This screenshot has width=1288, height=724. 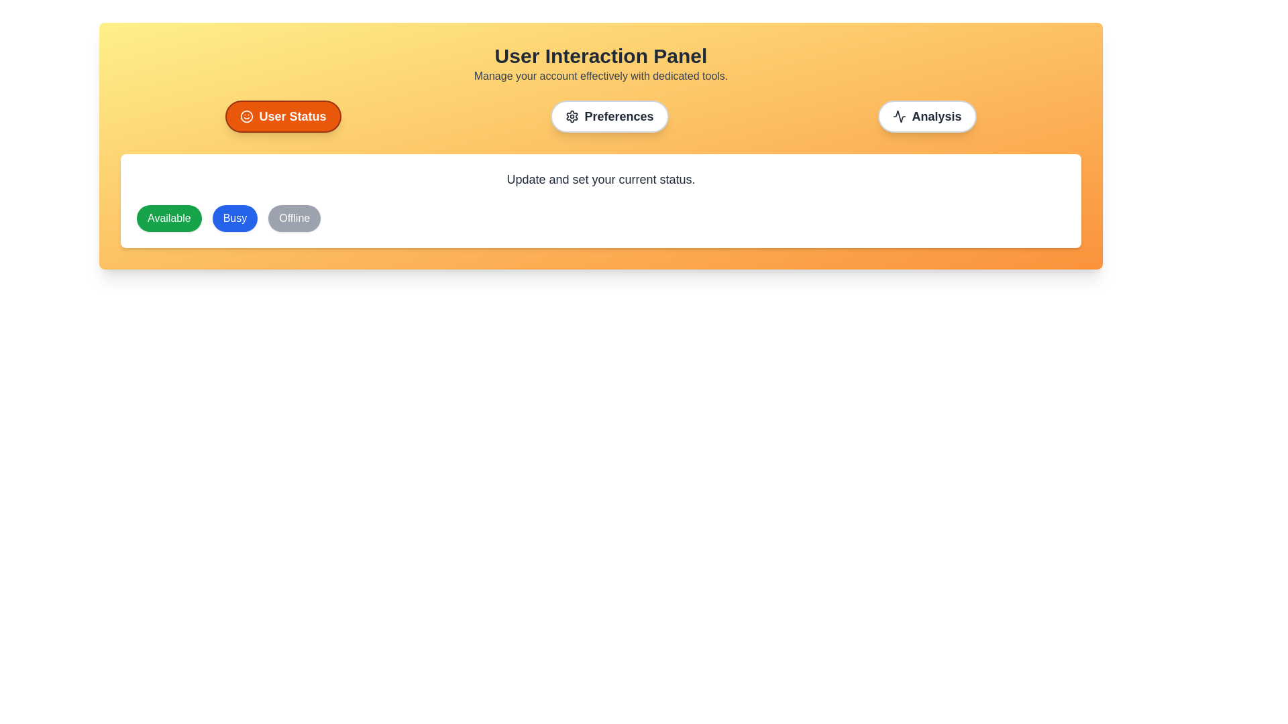 I want to click on the Preferences tab by clicking on the corresponding button, so click(x=608, y=115).